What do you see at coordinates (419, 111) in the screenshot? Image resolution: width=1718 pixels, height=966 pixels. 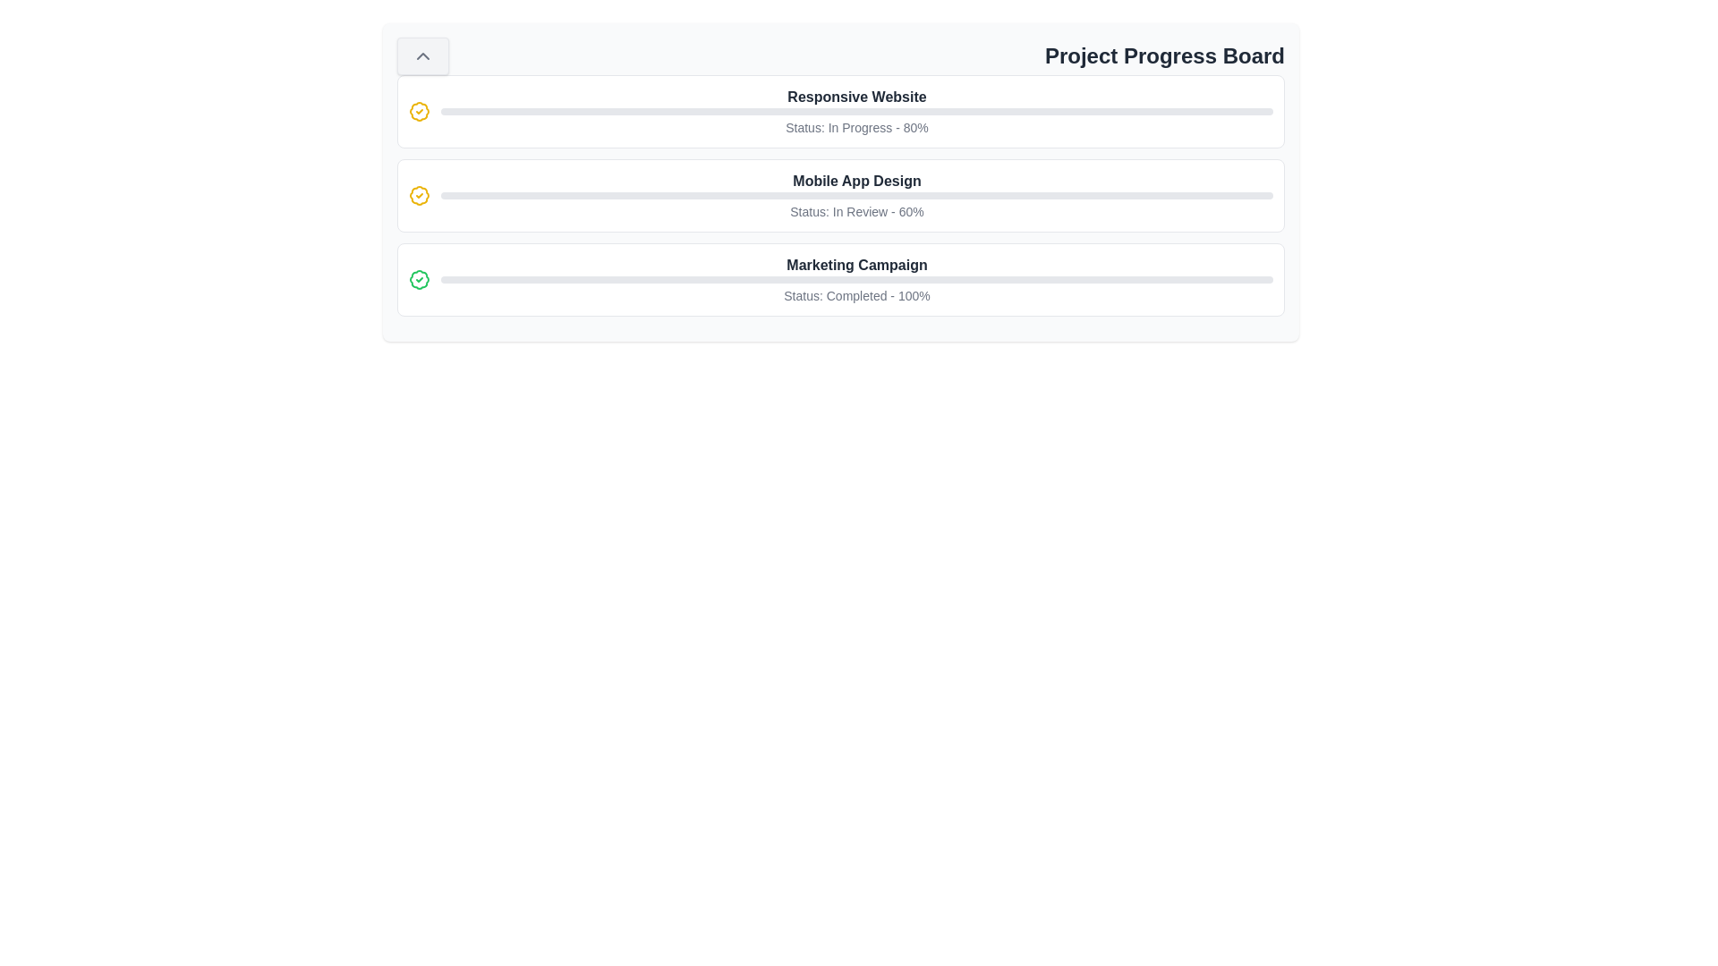 I see `the status indicator icon on the left side of the first row labeled 'Responsive Website'` at bounding box center [419, 111].